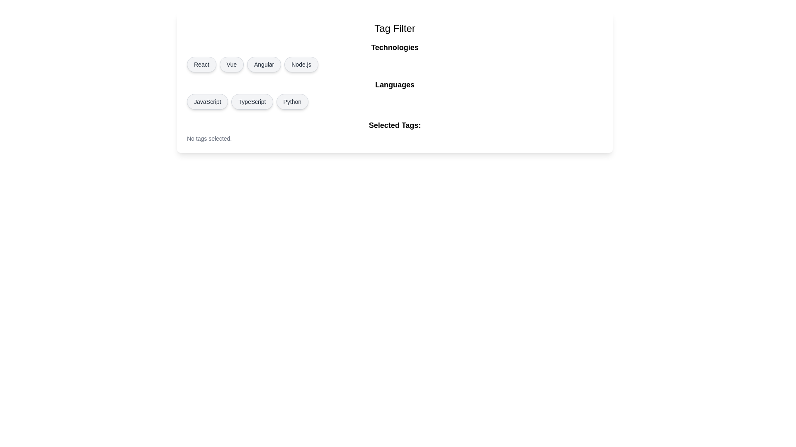 The height and width of the screenshot is (447, 796). I want to click on the 'Languages' section title text label, which is positioned below the 'Technologies' title and above the tags for 'JavaScript', 'TypeScript', and 'Python', so click(394, 84).